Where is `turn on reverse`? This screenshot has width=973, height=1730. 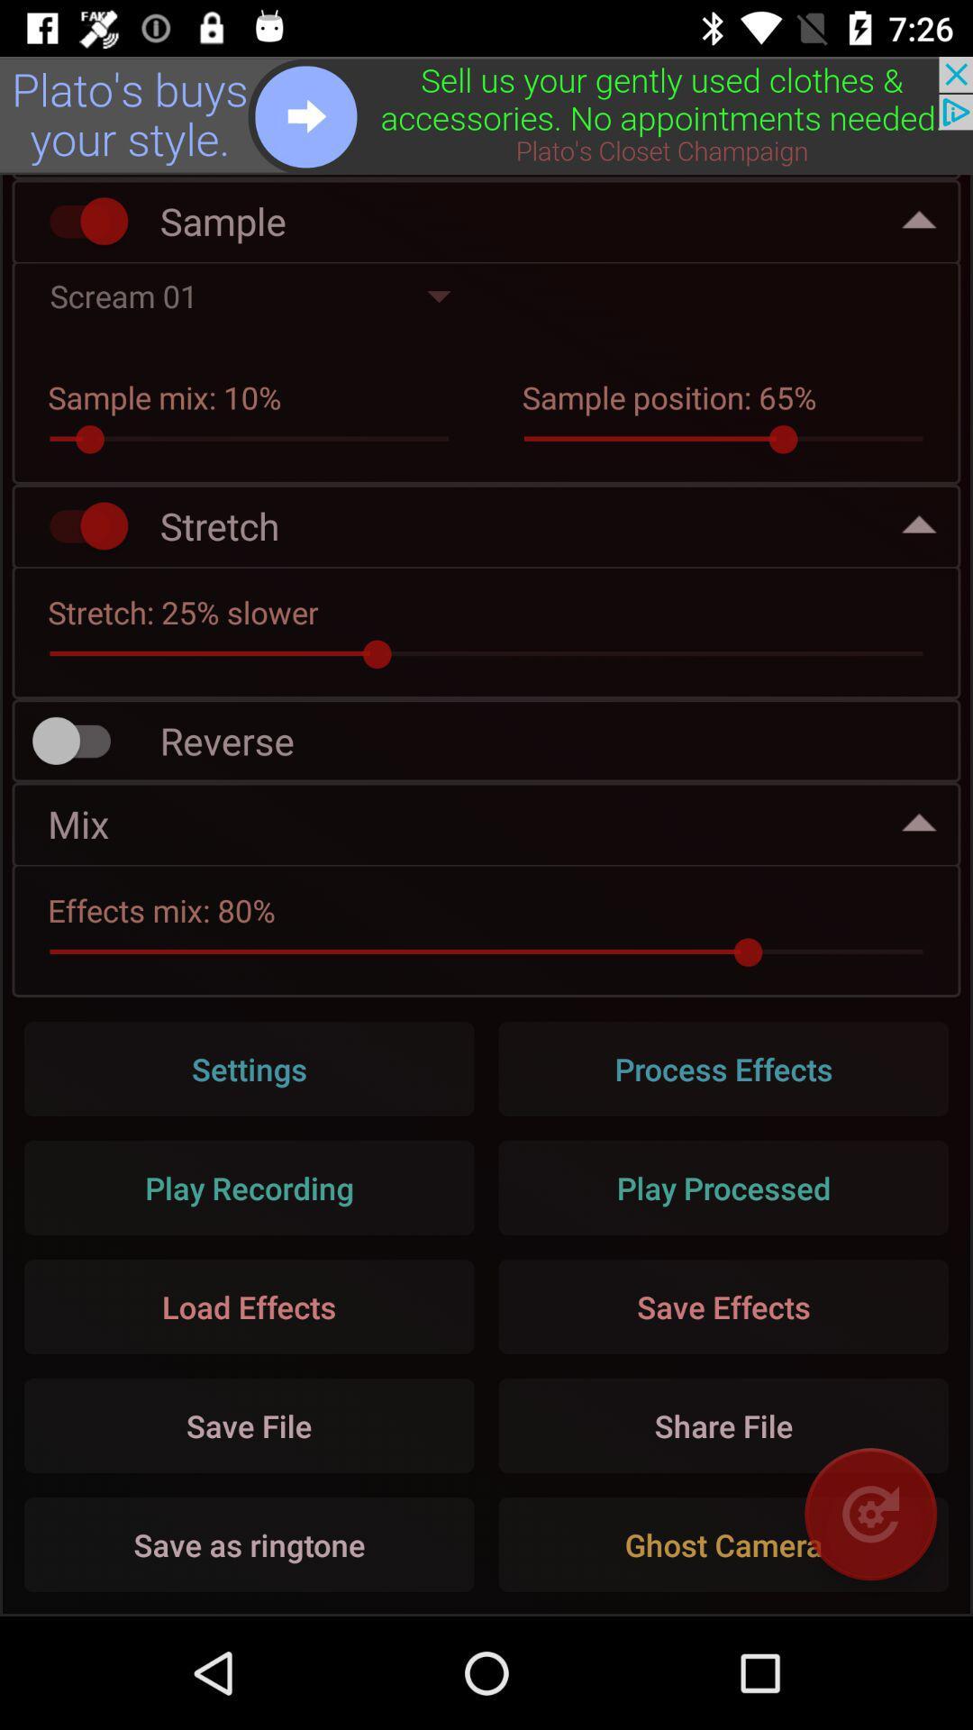
turn on reverse is located at coordinates (79, 741).